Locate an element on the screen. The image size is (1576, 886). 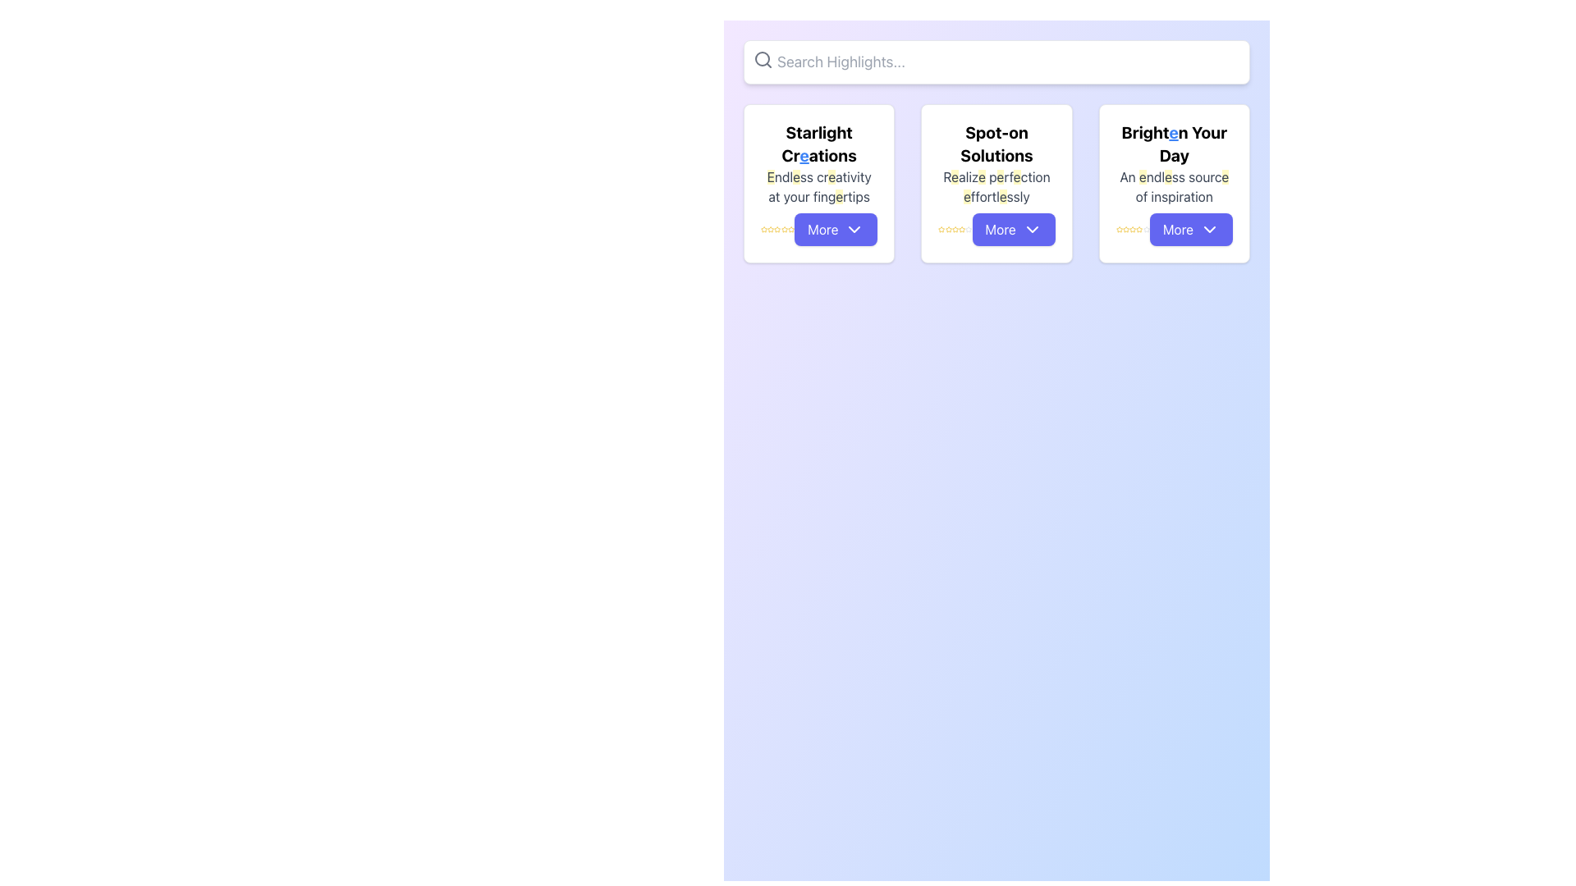
the highlighted character 'e' in the sentence 'Endless creativity at your fingertips' on the leftmost card under the heading 'Starlight Creations' is located at coordinates (839, 195).